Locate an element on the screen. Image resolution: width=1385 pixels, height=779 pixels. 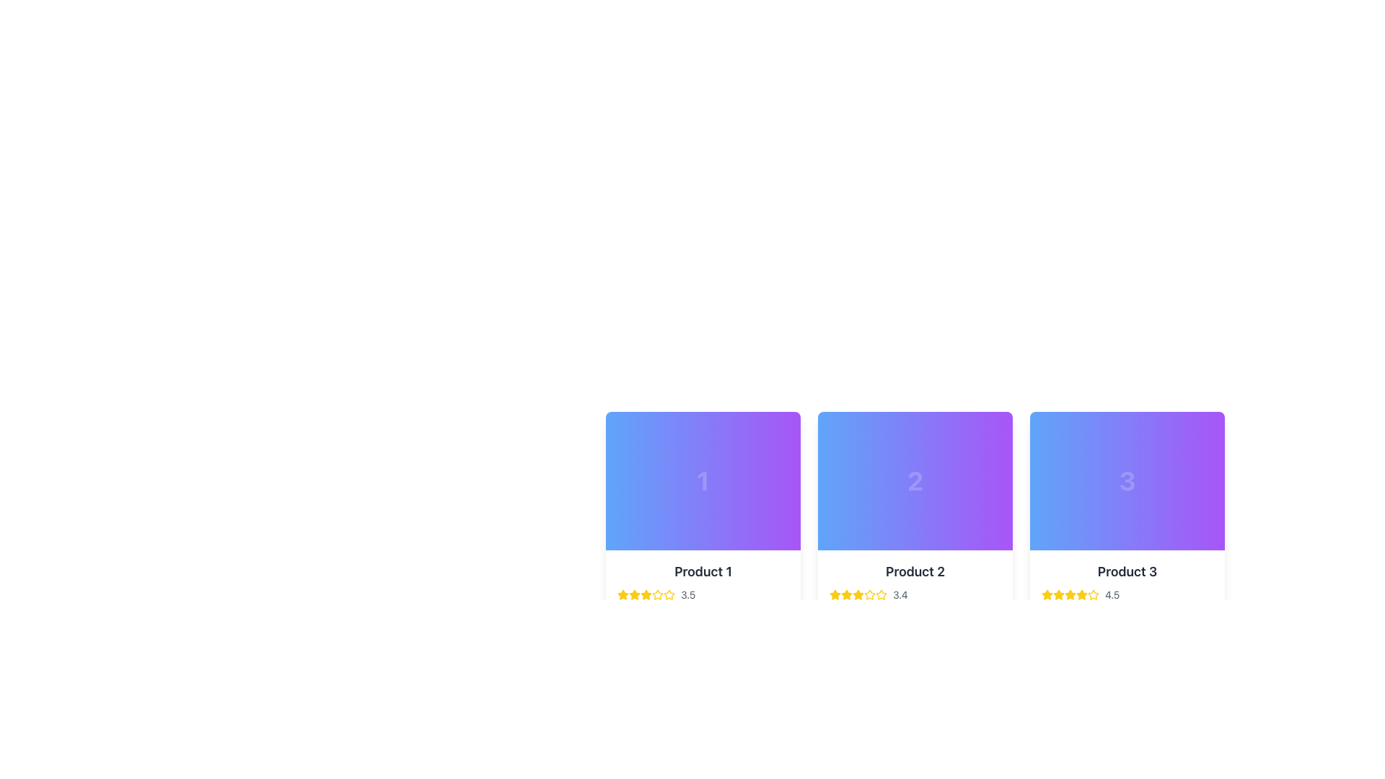
the second yellow star icon in the product rating system for 'Product 2' is located at coordinates (881, 594).